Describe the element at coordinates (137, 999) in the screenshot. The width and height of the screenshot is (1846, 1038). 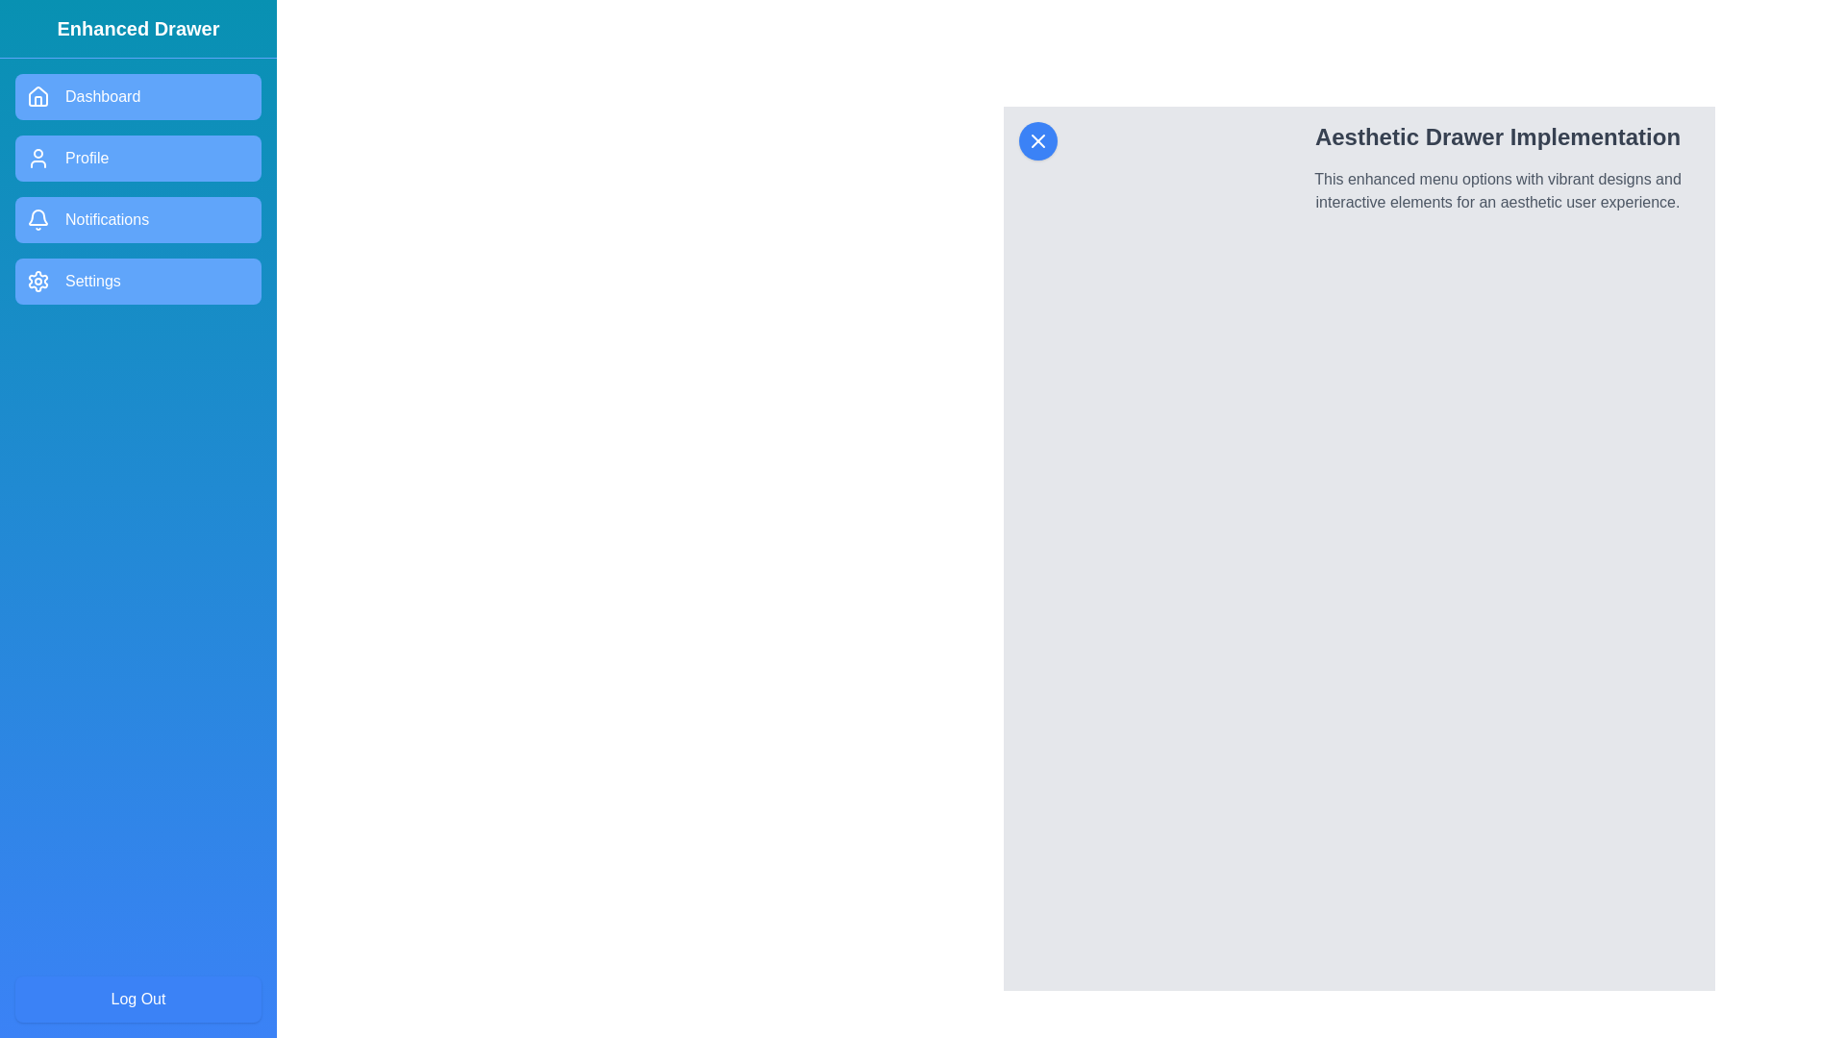
I see `the rectangular blue 'Log Out' button with rounded edges located at the bottom left corner of the interface to log out` at that location.